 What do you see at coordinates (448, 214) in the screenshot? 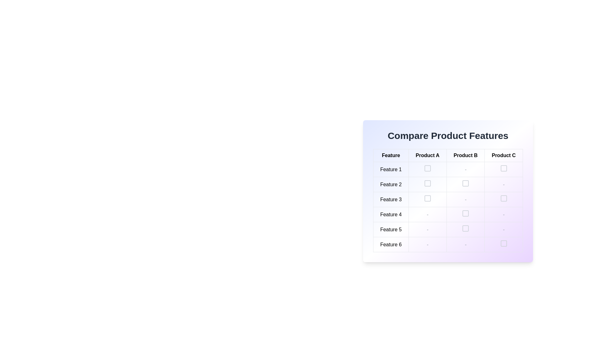
I see `the interactive parts of the fourth row in the 'Compare Product Features' table, which presents 'Feature 4' and related product information` at bounding box center [448, 214].